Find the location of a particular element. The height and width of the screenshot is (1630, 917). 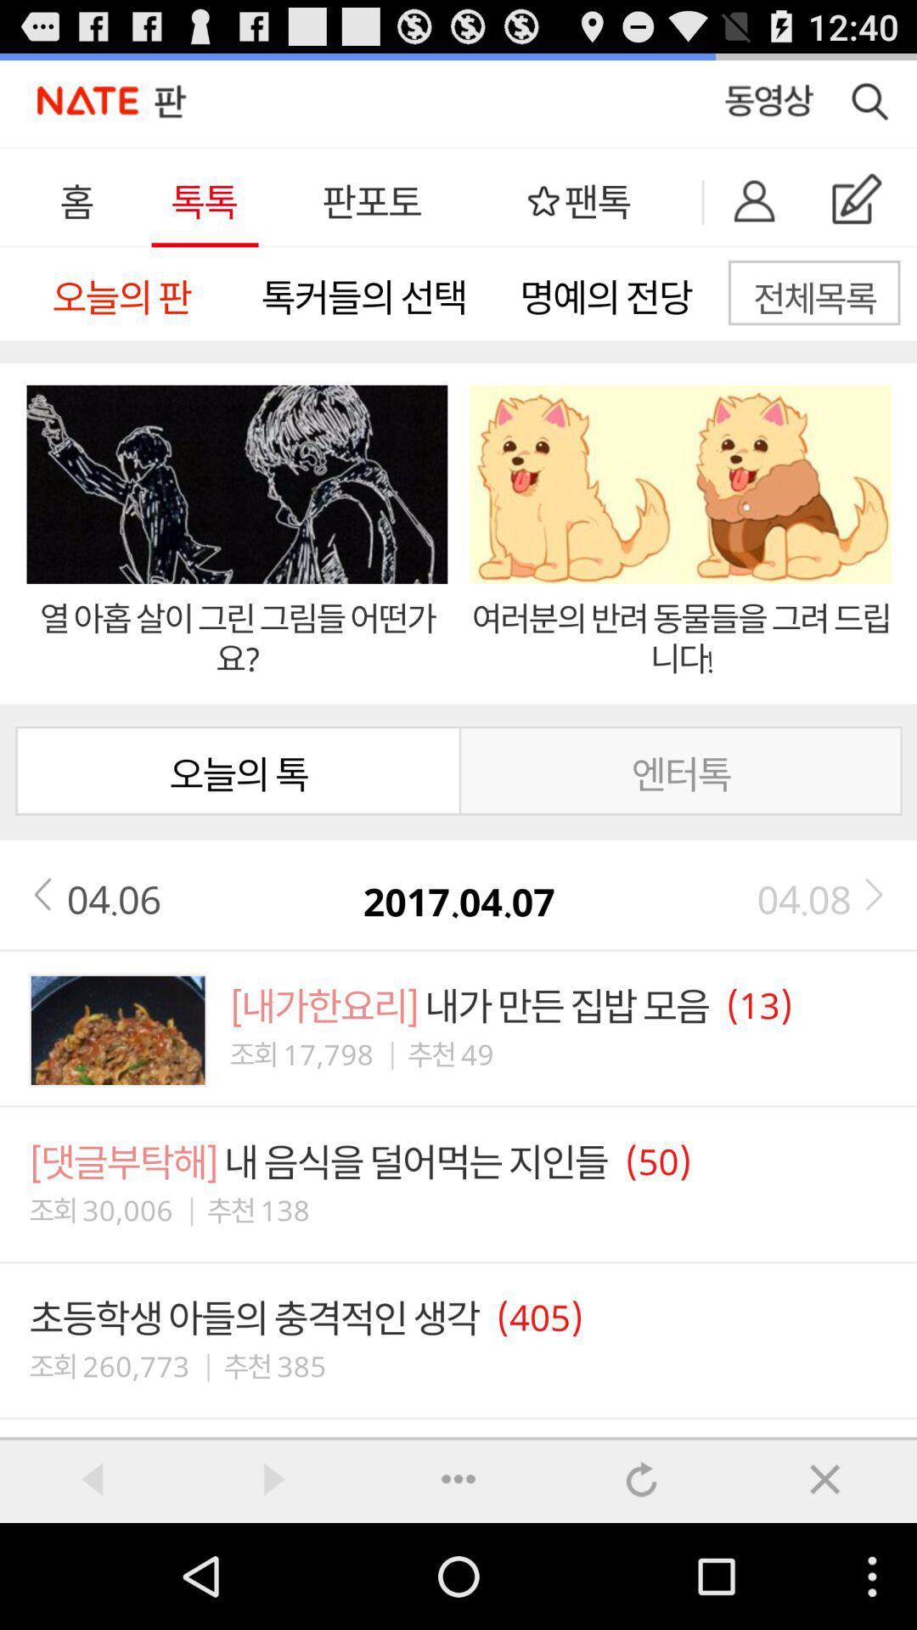

this button in reload is located at coordinates (642, 1478).